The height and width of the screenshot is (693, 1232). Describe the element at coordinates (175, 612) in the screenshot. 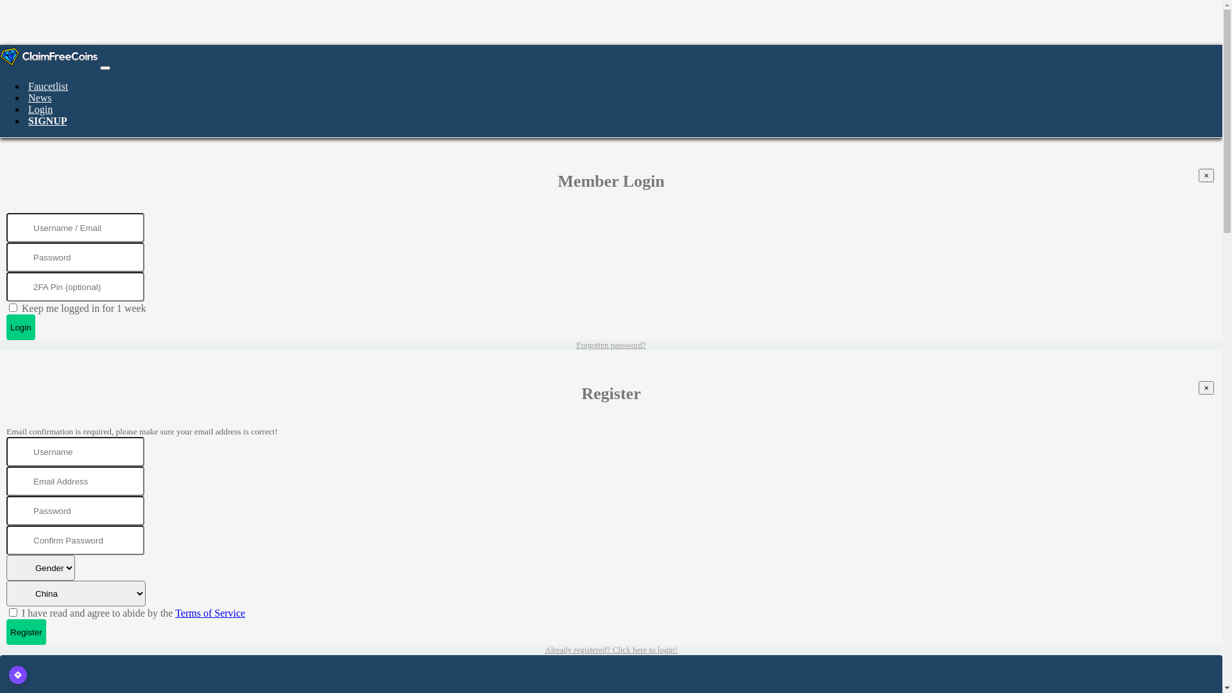

I see `'Terms of Service'` at that location.